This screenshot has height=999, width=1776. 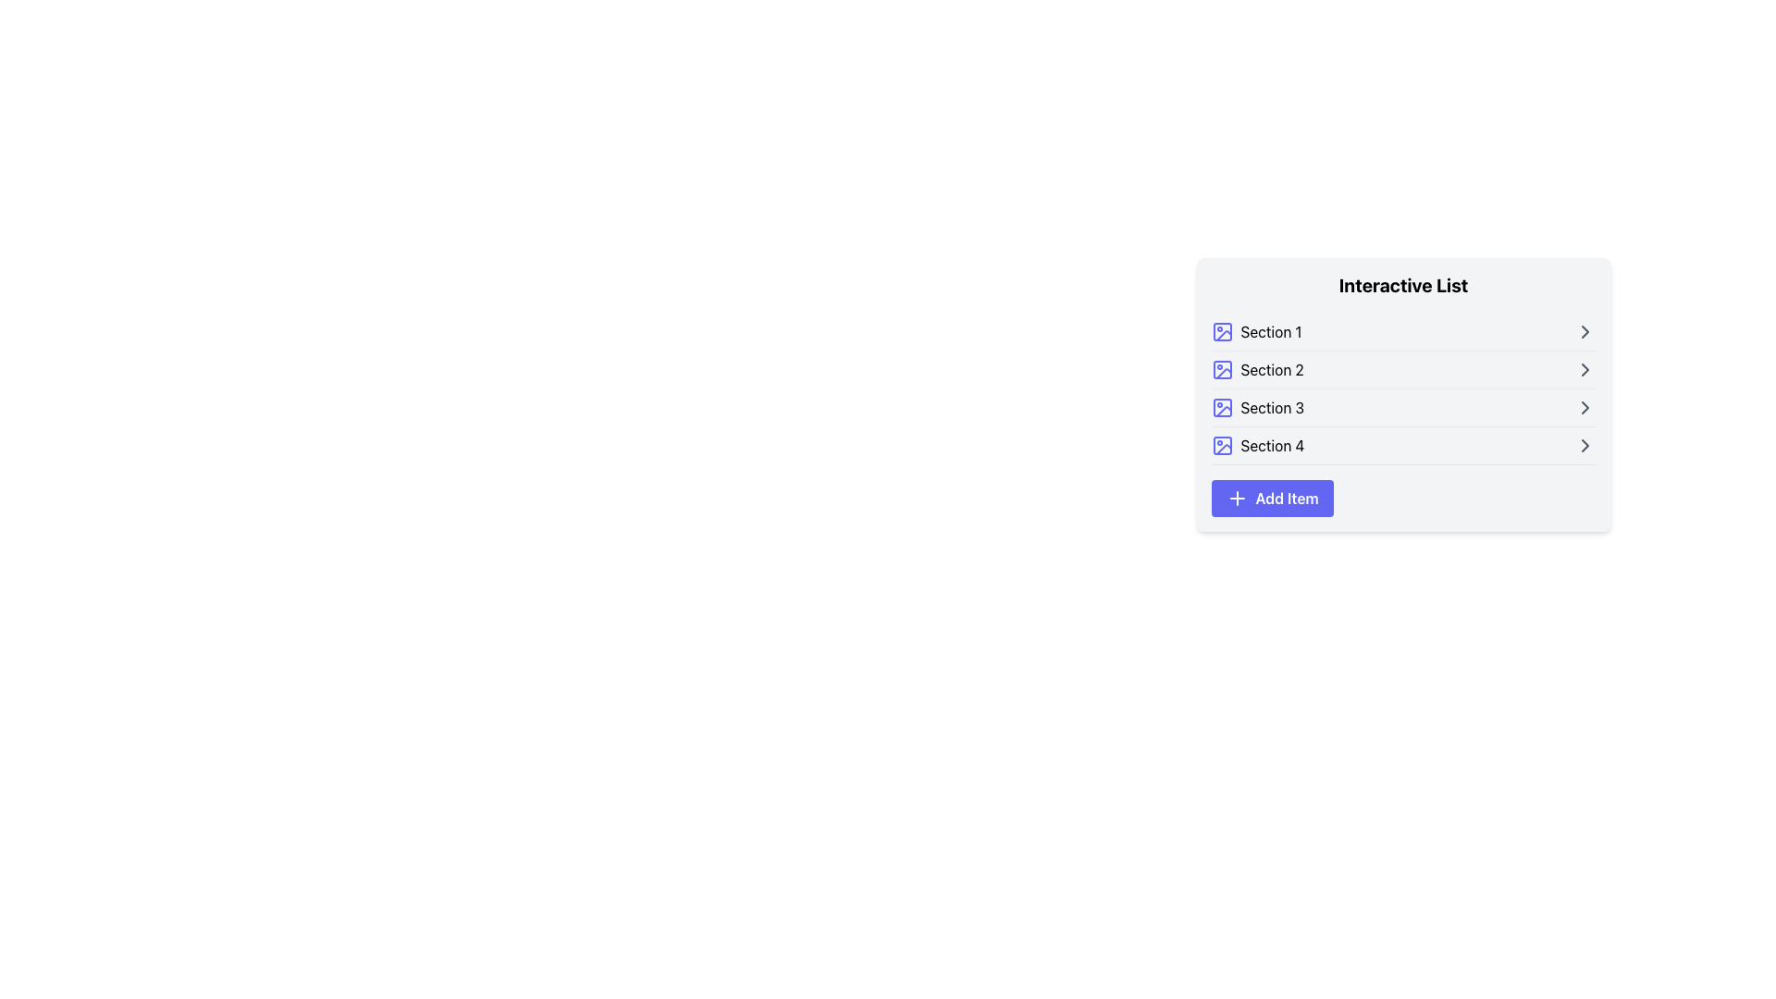 What do you see at coordinates (1403, 446) in the screenshot?
I see `the List Item labeled 'Section 4' in the Interactive List` at bounding box center [1403, 446].